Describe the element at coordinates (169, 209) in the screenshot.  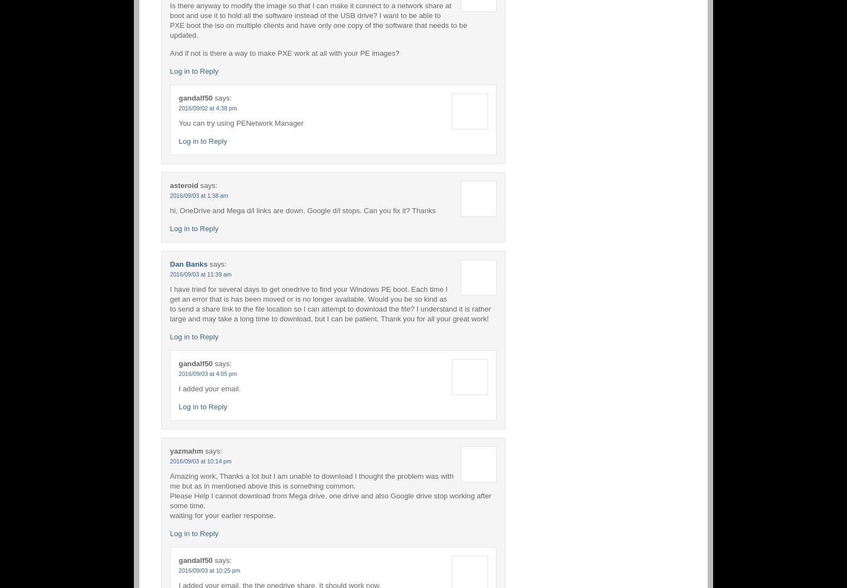
I see `'hi, OneDrive and Mega d/l links are down, Google d/l stops. Can you fix it? Thanks'` at that location.